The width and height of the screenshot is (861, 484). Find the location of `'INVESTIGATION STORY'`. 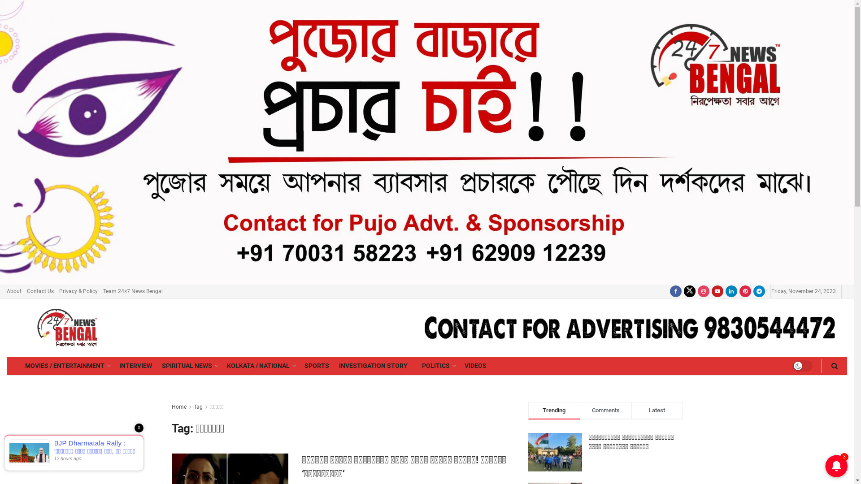

'INVESTIGATION STORY' is located at coordinates (373, 366).